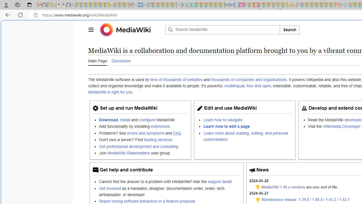  What do you see at coordinates (347, 5) in the screenshot?
I see `'Utah sues federal government - Search - Sleeping'` at bounding box center [347, 5].